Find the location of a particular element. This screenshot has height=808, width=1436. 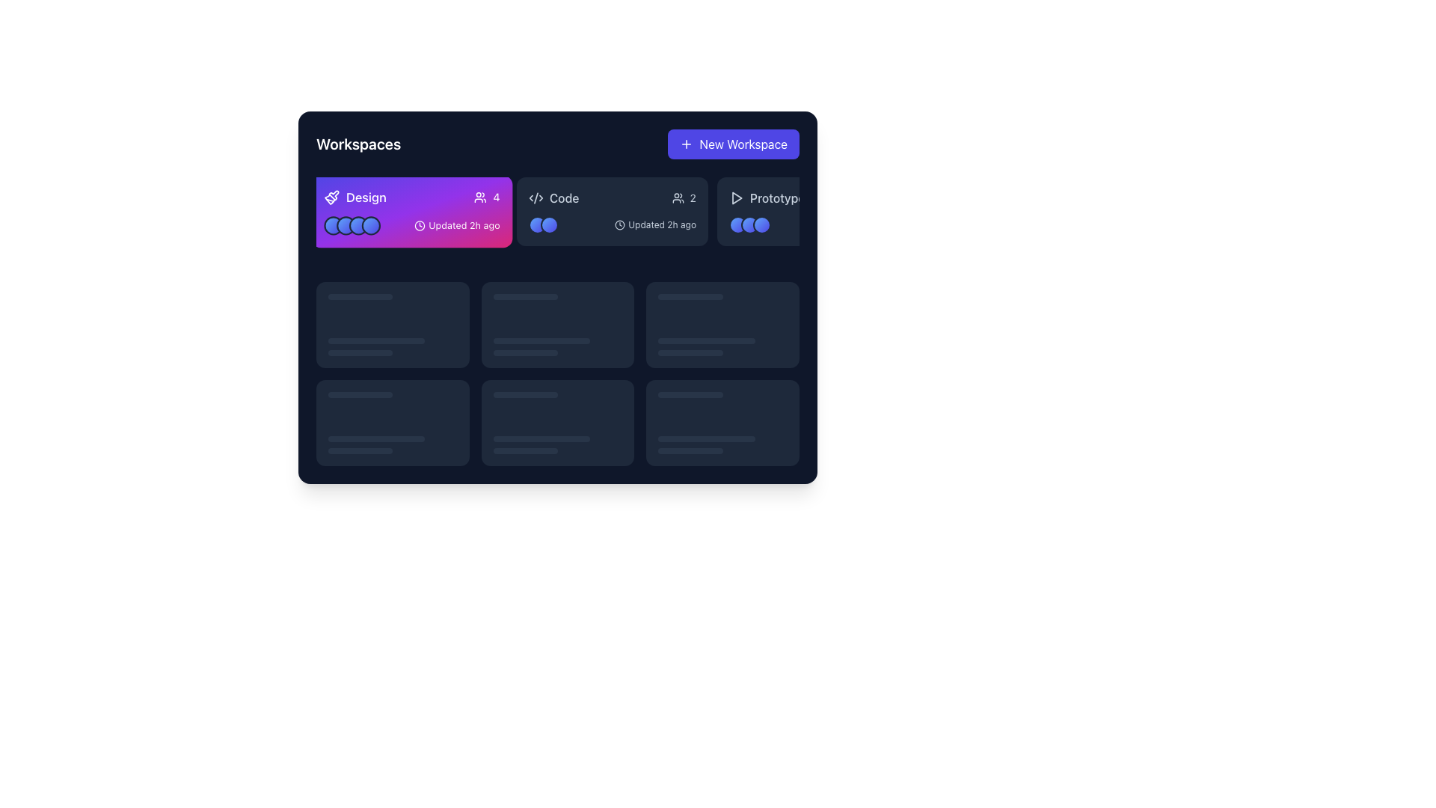

the decorative indicator or user avatar, which is a small circular component with a gradient background from blue to indigo, located within the 'Code' workspace card is located at coordinates (548, 224).